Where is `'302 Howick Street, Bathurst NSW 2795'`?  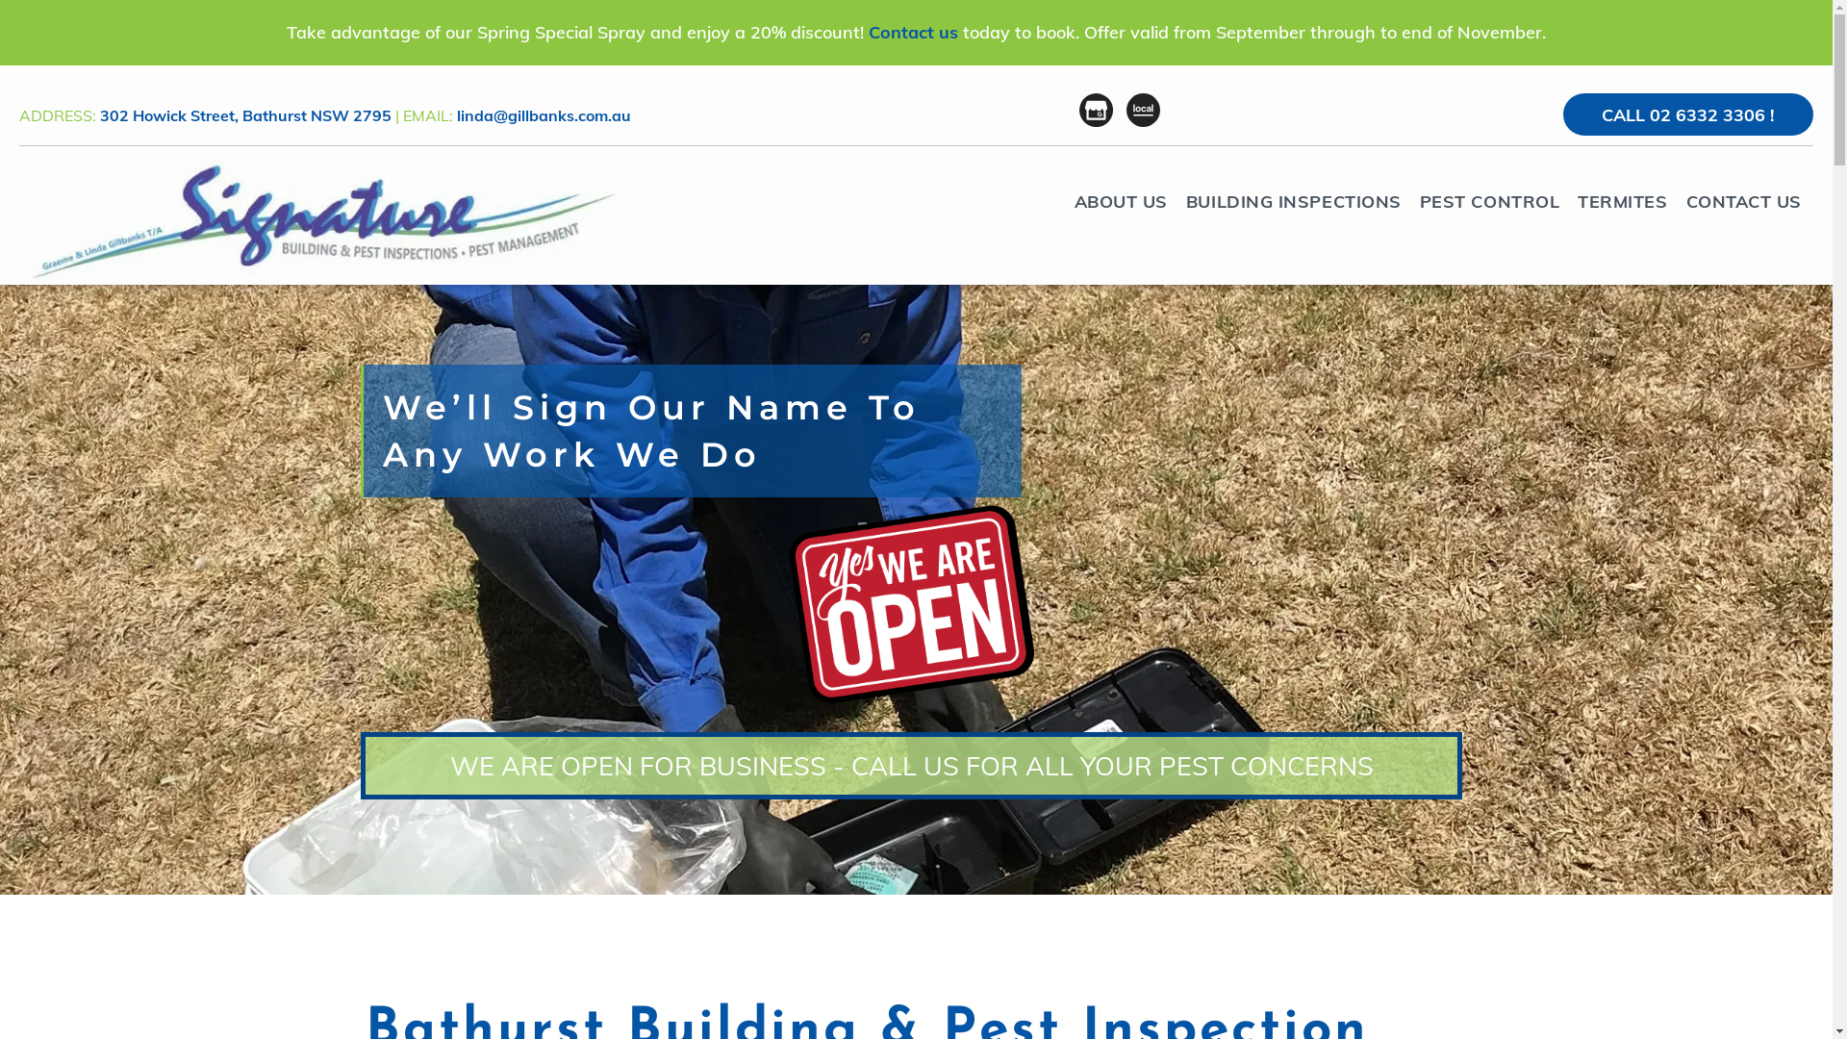 '302 Howick Street, Bathurst NSW 2795' is located at coordinates (244, 114).